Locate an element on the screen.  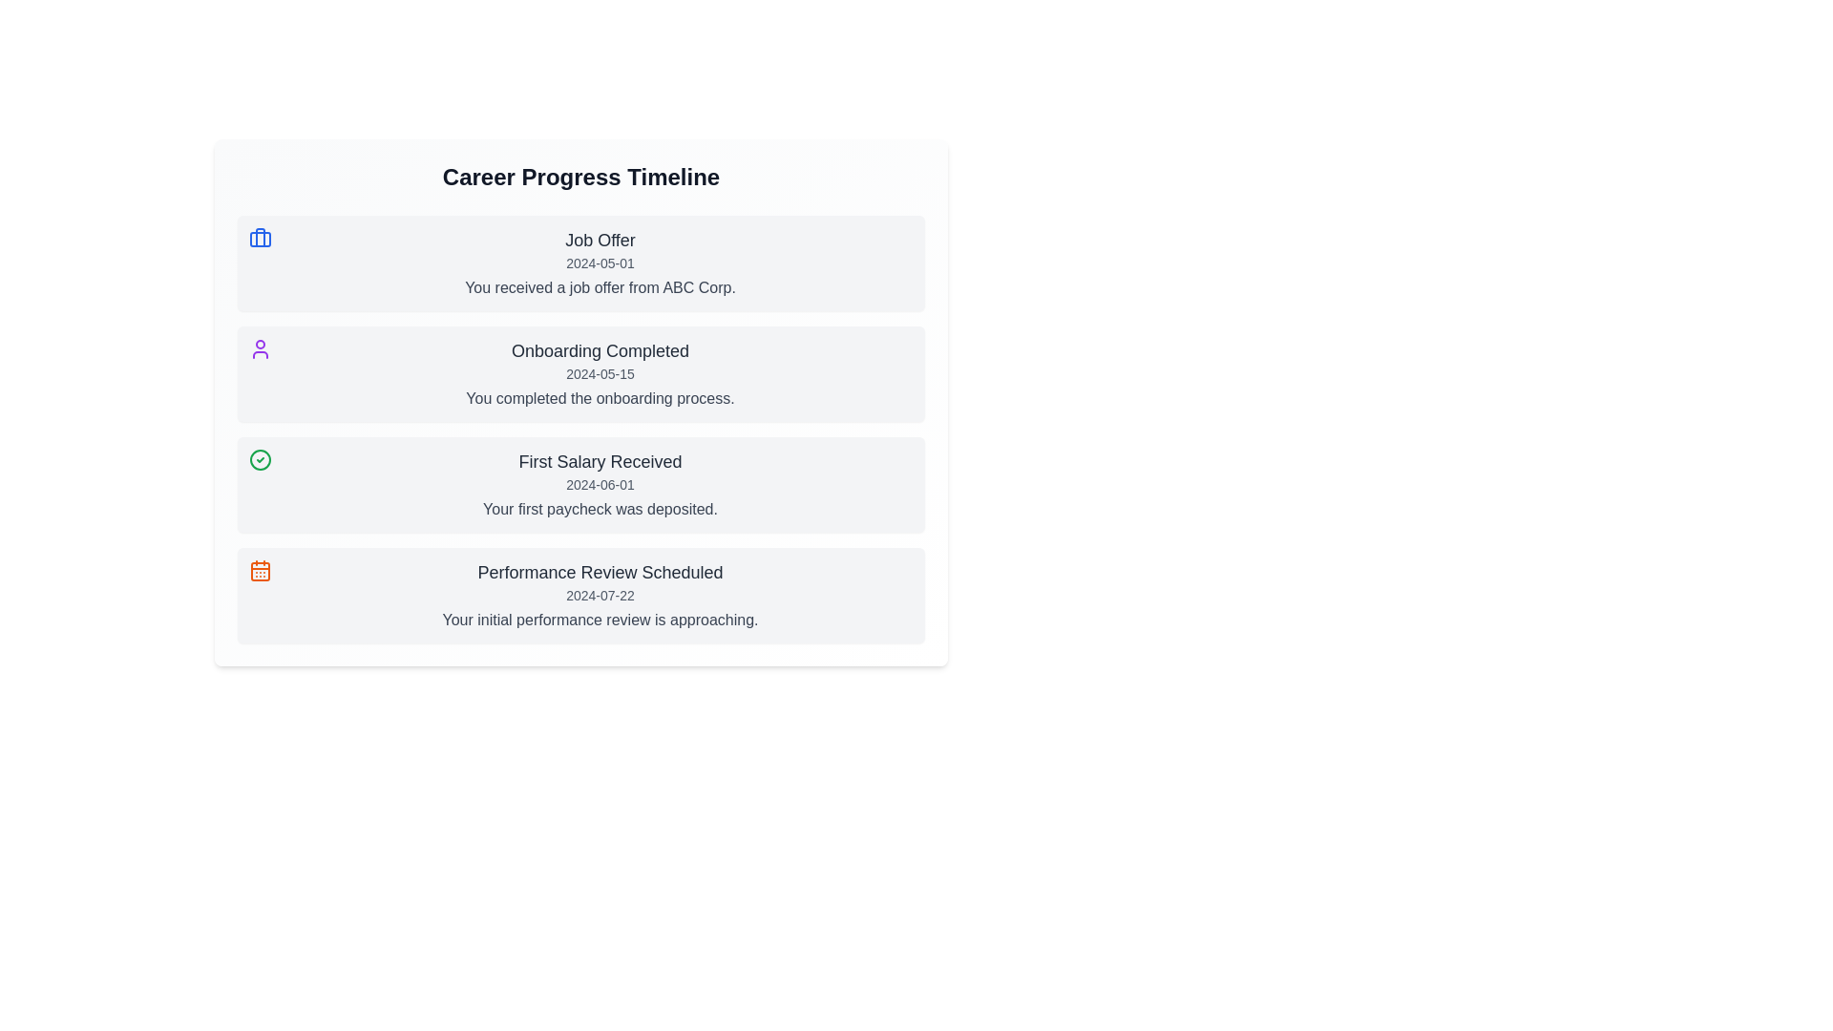
the SVG circle element that visually indicates the status of the 'First Salary Received' milestone in the timeline is located at coordinates (260, 460).